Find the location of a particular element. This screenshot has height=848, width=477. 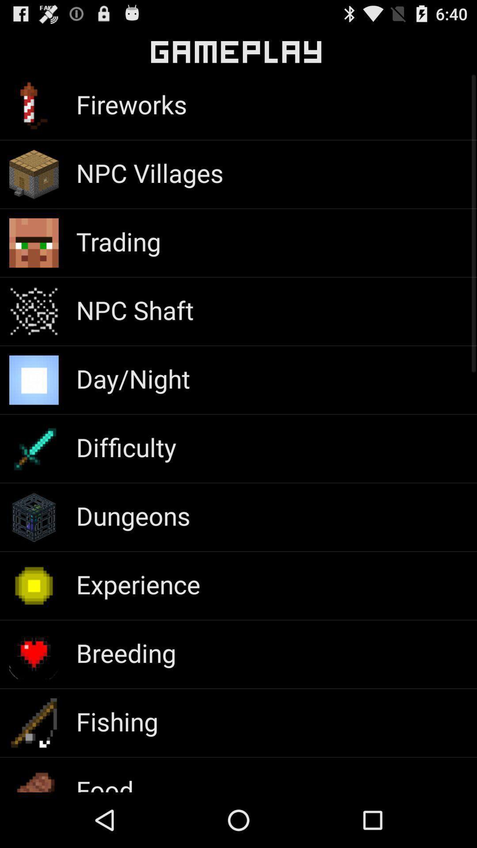

the experience app is located at coordinates (138, 584).